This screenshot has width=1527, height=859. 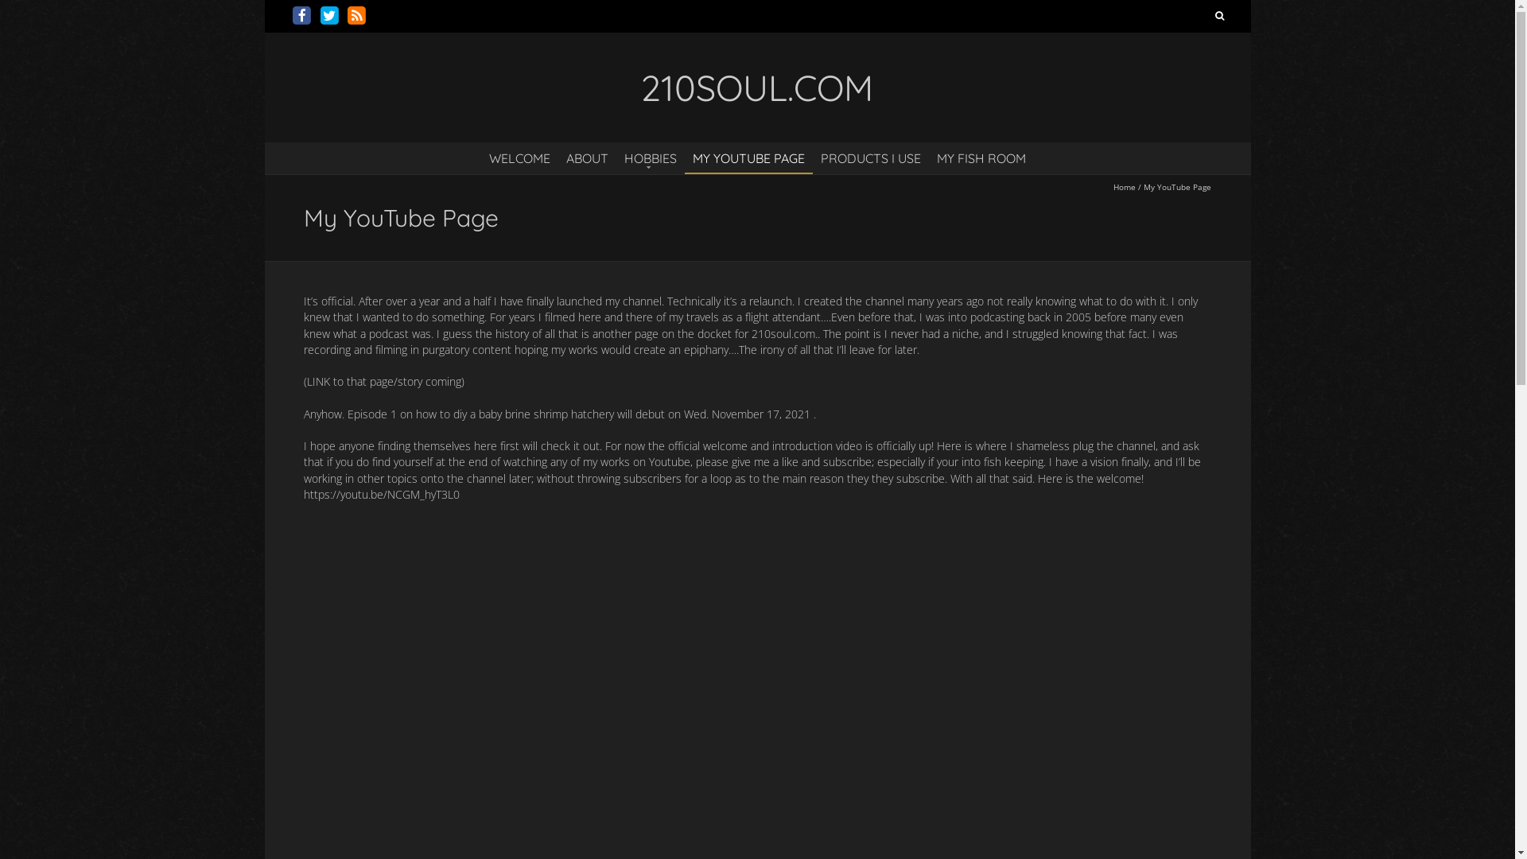 What do you see at coordinates (748, 157) in the screenshot?
I see `'MY YOUTUBE PAGE'` at bounding box center [748, 157].